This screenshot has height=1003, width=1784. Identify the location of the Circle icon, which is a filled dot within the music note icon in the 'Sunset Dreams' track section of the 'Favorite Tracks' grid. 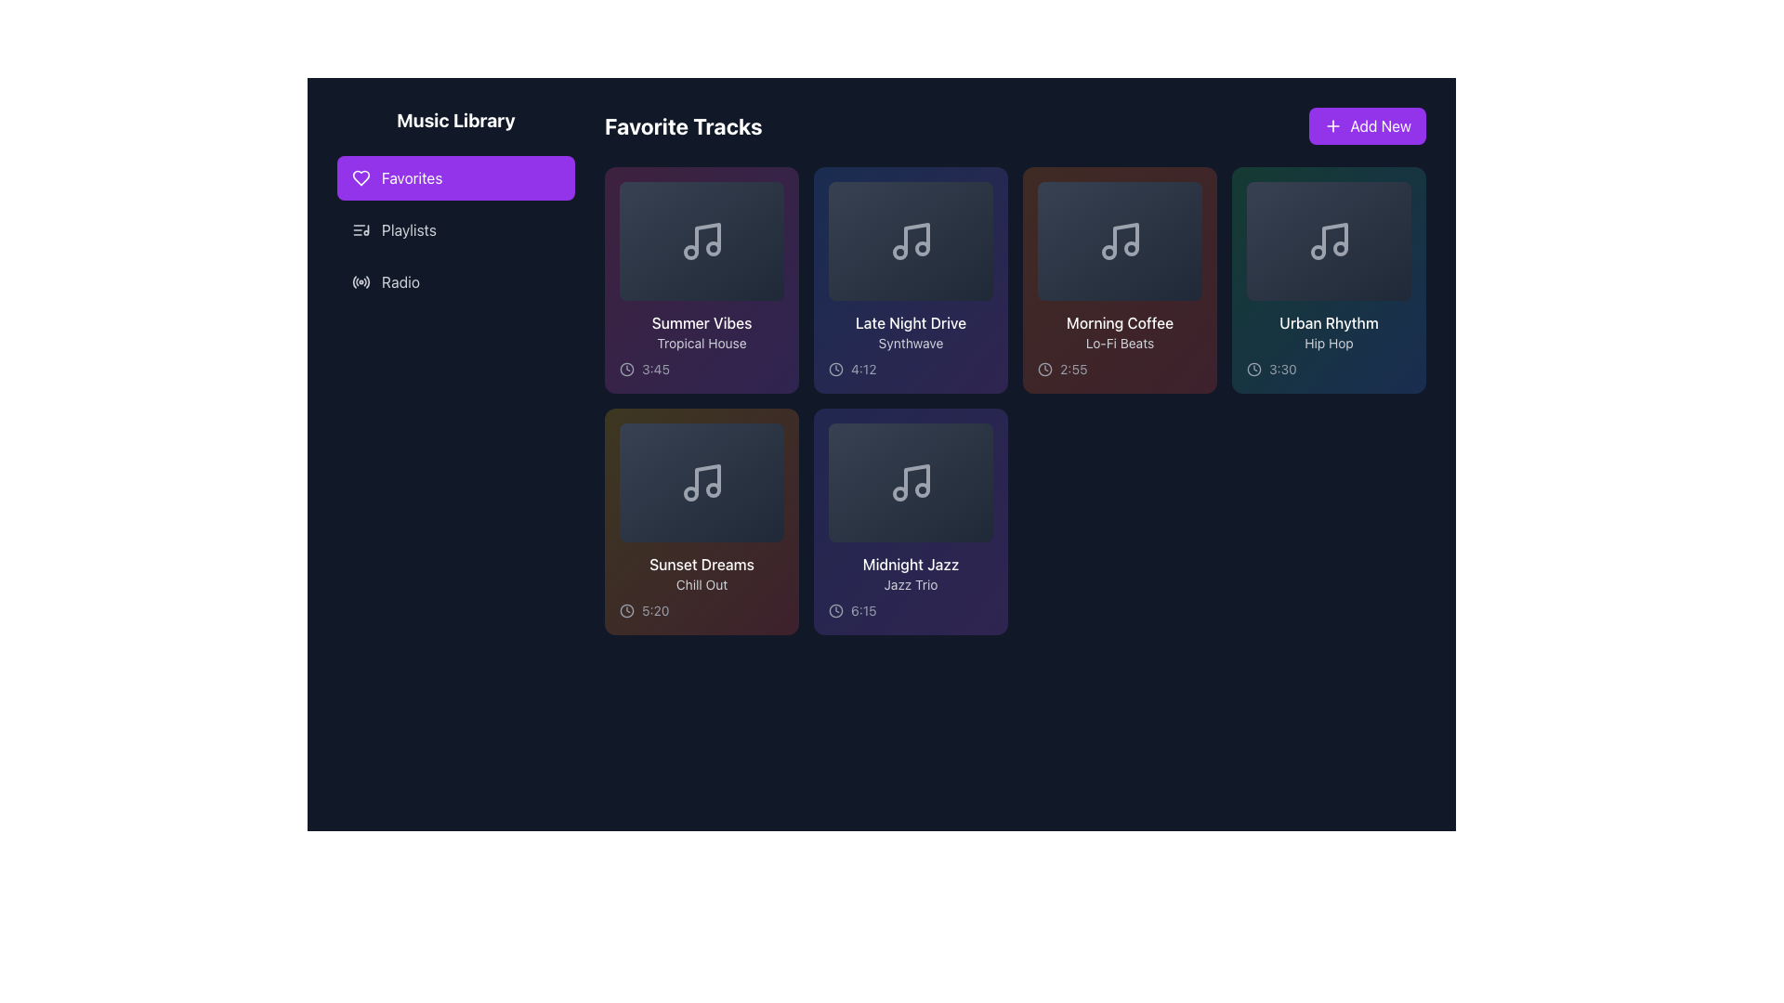
(712, 489).